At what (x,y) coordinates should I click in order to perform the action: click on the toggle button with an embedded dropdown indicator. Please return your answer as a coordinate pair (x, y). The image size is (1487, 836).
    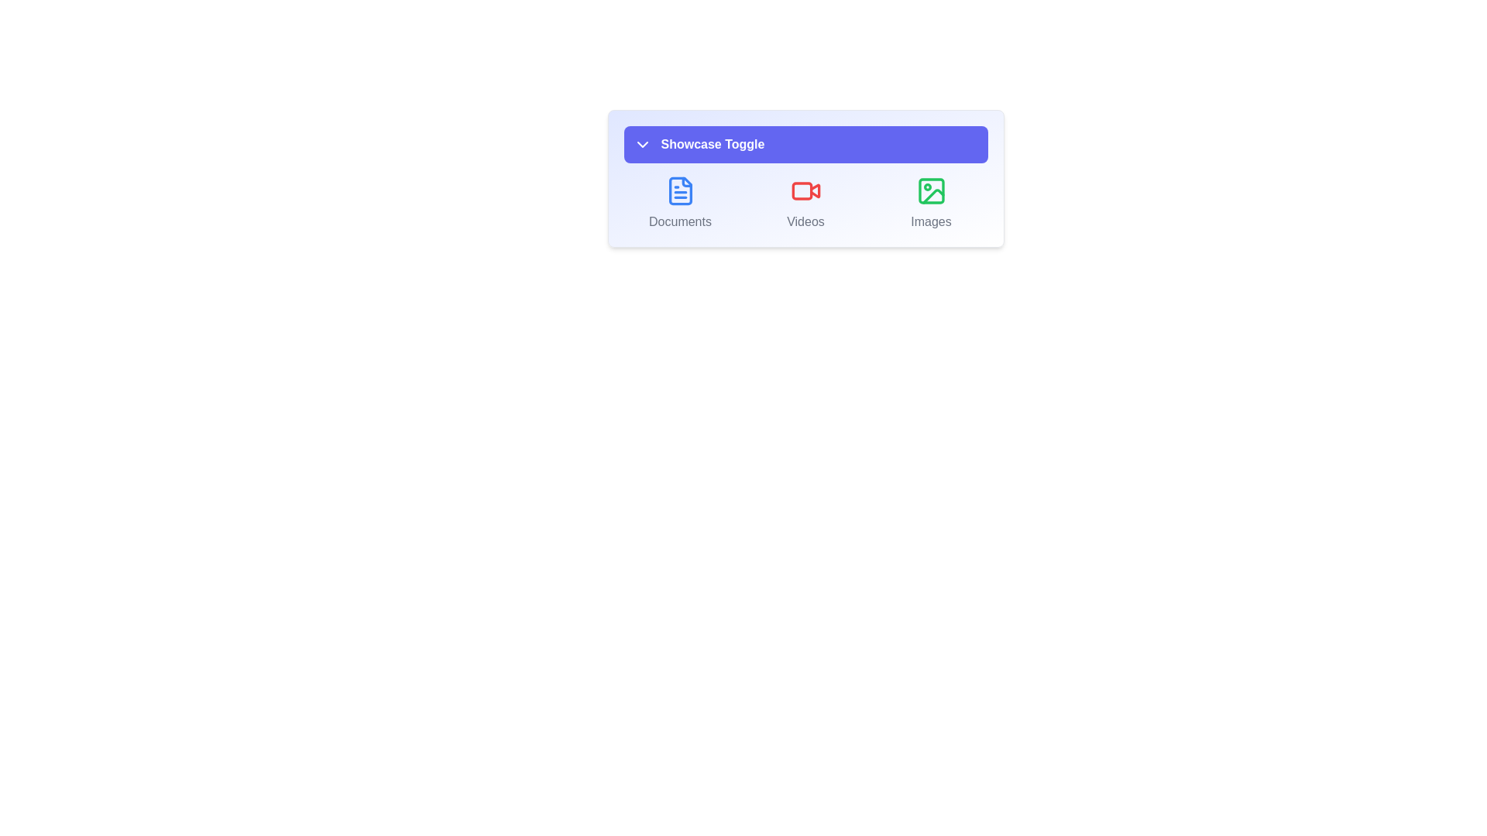
    Looking at the image, I should click on (805, 144).